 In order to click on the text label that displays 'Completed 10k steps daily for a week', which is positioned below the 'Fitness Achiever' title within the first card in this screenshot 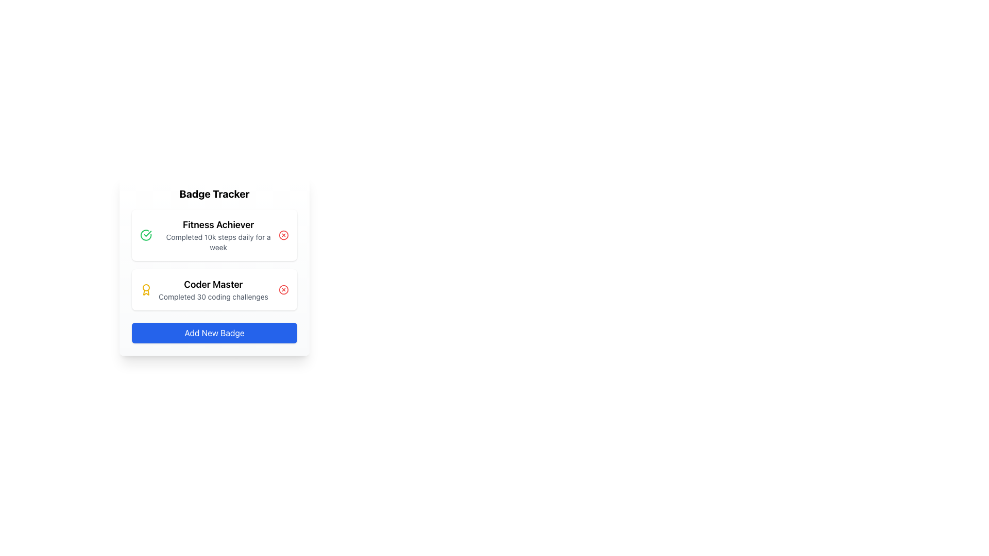, I will do `click(218, 242)`.